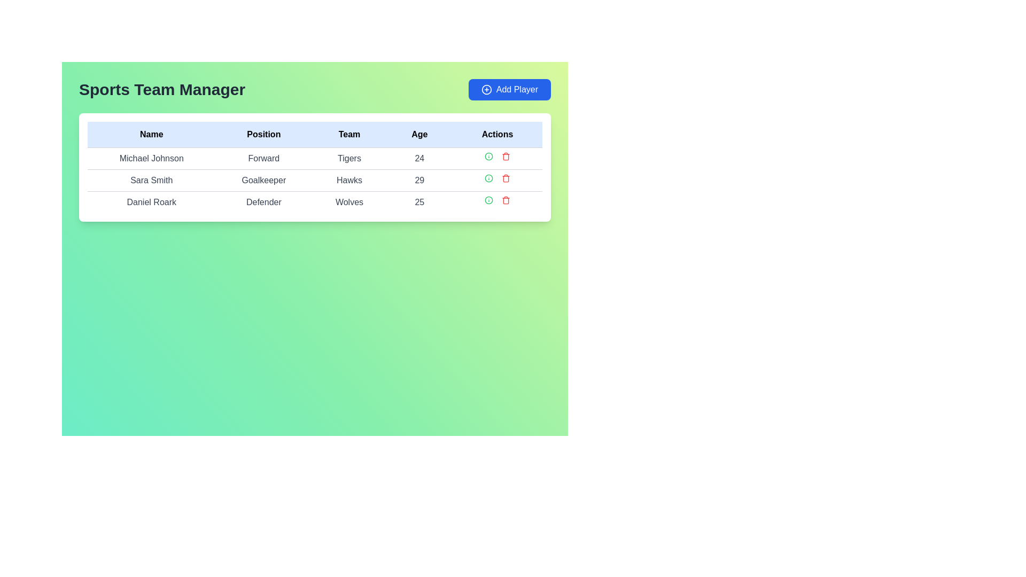 This screenshot has width=1026, height=577. Describe the element at coordinates (151, 180) in the screenshot. I see `the text label displaying 'Sara Smith', which is the second entry in the 'Name' column of the table` at that location.